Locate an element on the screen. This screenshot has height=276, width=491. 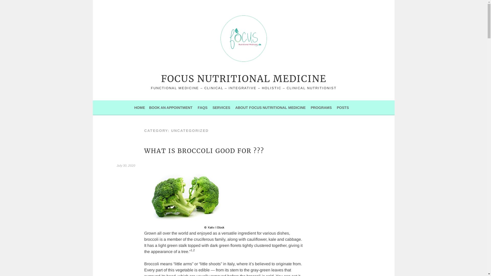
'July 30, 2020' is located at coordinates (116, 166).